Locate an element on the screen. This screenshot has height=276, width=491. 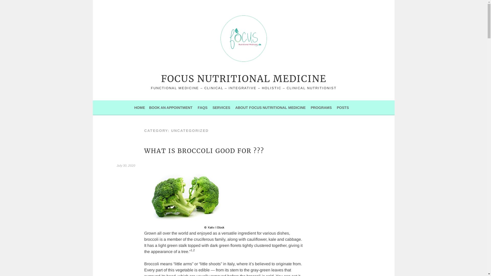
'July 30, 2020' is located at coordinates (116, 166).